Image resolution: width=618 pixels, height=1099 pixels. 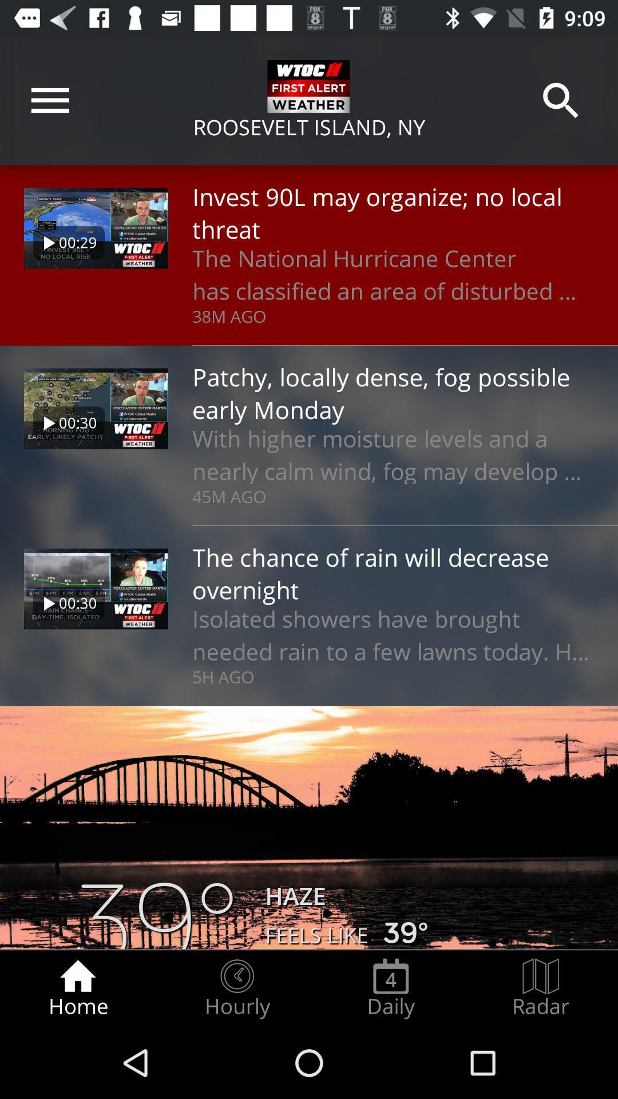 I want to click on daily item, so click(x=390, y=988).